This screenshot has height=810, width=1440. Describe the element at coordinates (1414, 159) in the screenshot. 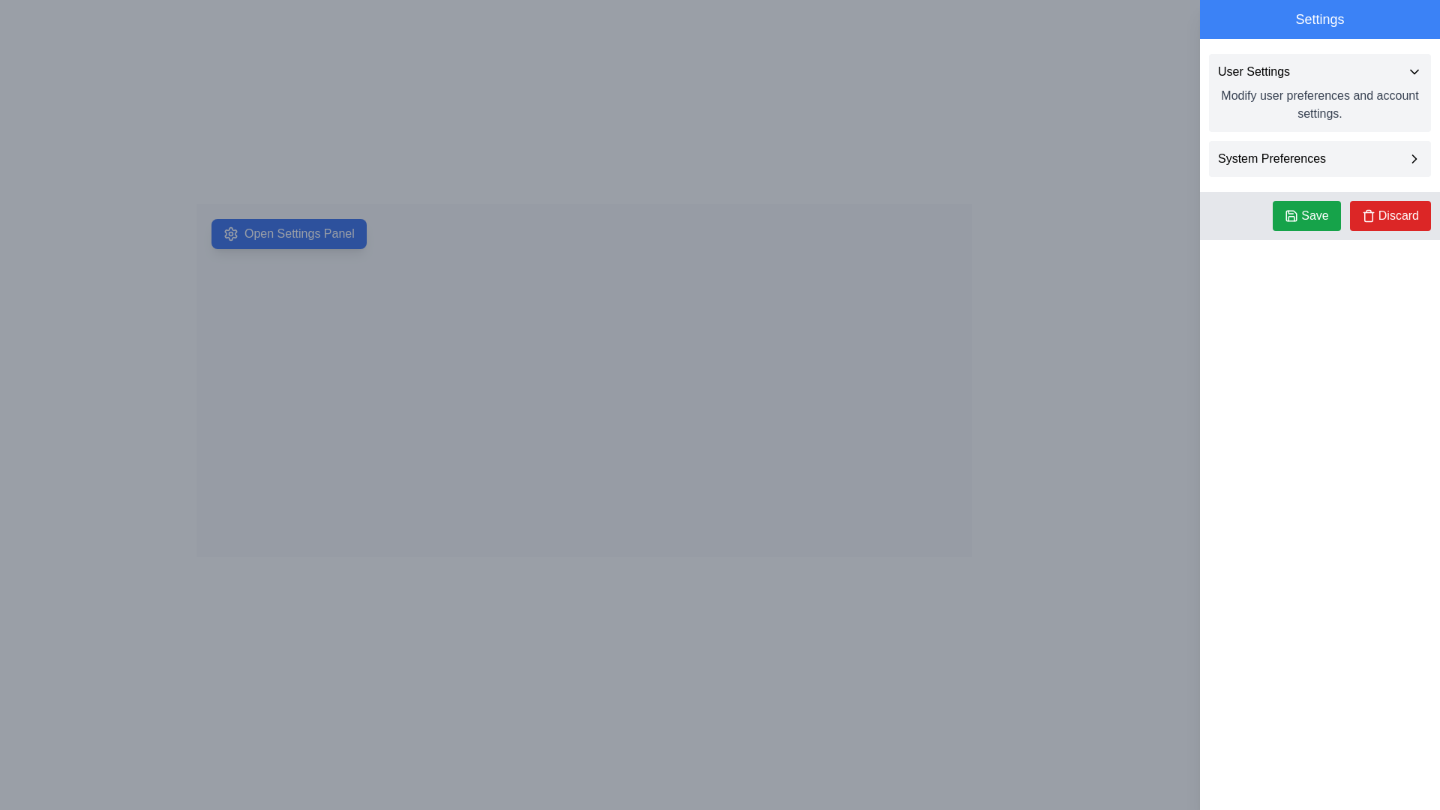

I see `the right-pointing chevron icon in the 'System Preferences' section of the 'Settings' panel` at that location.